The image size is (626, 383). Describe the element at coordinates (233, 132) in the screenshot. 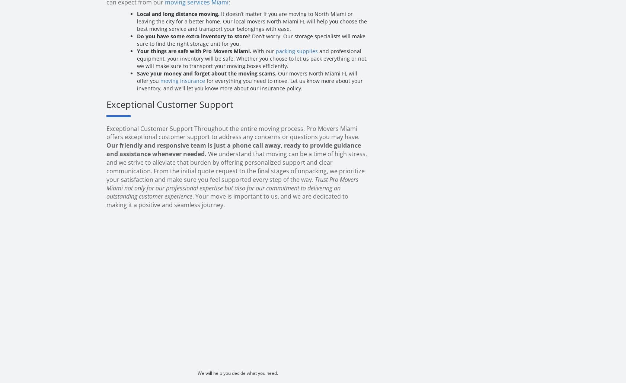

I see `'Exceptional Customer Support Throughout the entire moving process, Pro Movers Miami offers exceptional customer support to address any concerns or questions you may have.'` at that location.